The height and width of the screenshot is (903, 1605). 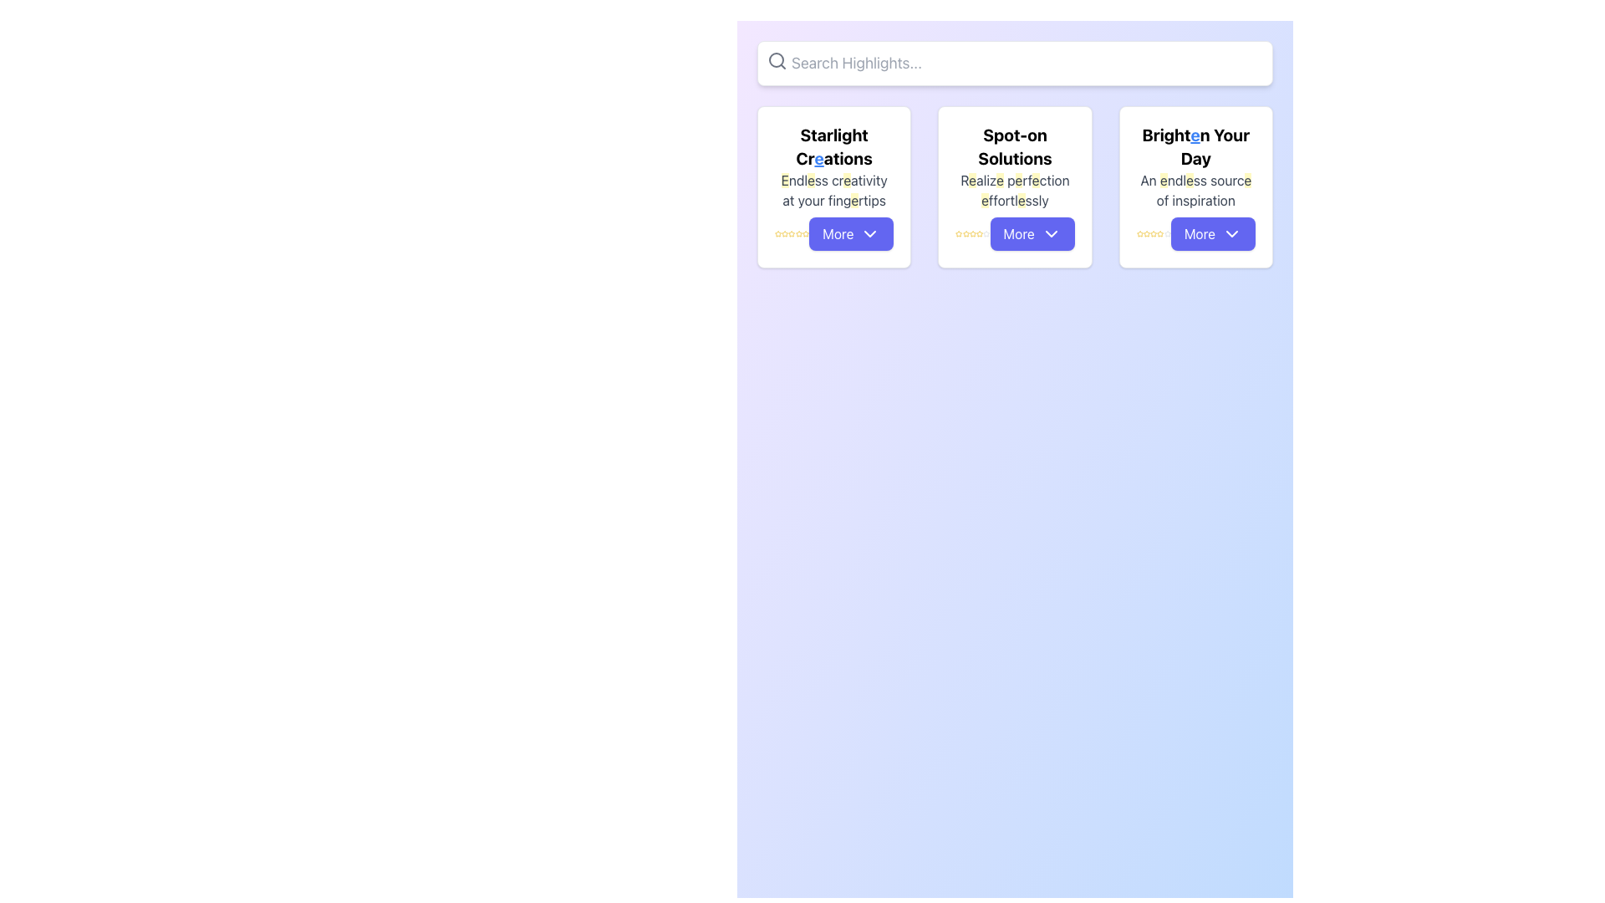 What do you see at coordinates (966, 234) in the screenshot?
I see `the second star icon in the rating system located beneath the 'Spot-on Solutions' description text and above the 'More' button` at bounding box center [966, 234].